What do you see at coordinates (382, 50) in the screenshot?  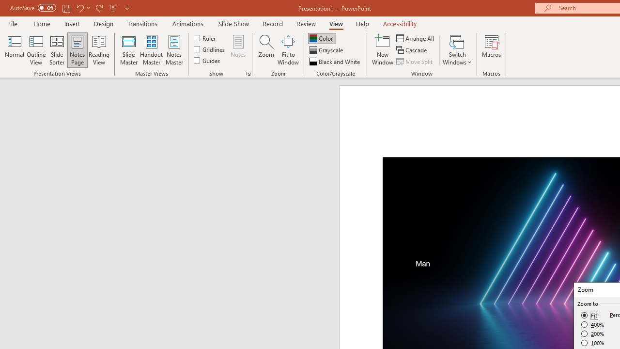 I see `'New Window'` at bounding box center [382, 50].